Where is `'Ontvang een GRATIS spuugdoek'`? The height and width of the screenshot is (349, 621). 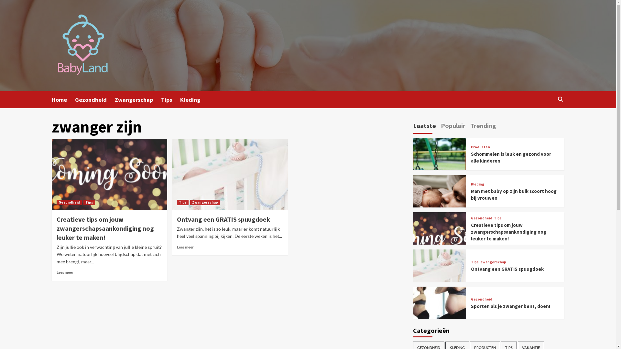
'Ontvang een GRATIS spuugdoek' is located at coordinates (223, 219).